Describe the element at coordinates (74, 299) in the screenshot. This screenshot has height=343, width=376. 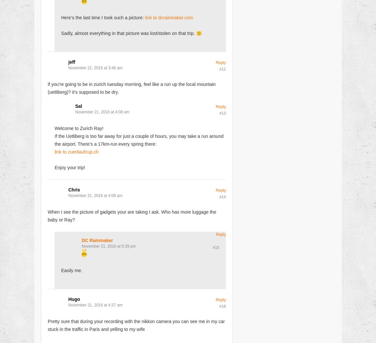
I see `'Hugo'` at that location.